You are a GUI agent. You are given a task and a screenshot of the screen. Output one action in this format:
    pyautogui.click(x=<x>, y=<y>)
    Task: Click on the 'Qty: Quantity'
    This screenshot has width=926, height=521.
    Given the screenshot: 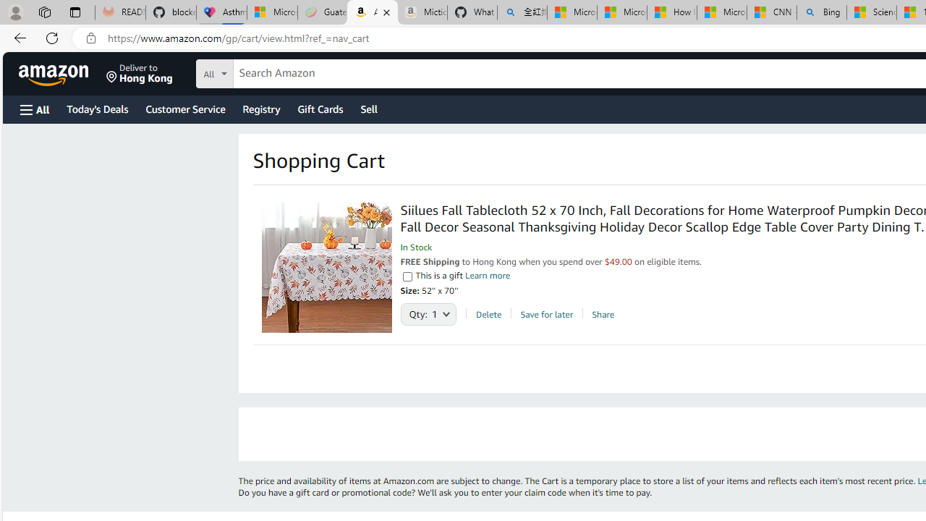 What is the action you would take?
    pyautogui.click(x=428, y=310)
    